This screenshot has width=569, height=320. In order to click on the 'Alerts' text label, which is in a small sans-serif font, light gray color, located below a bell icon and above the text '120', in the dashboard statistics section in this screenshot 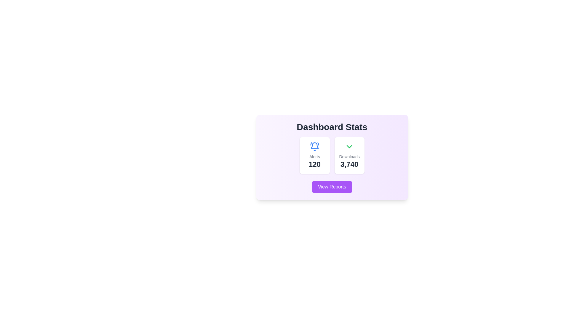, I will do `click(314, 156)`.